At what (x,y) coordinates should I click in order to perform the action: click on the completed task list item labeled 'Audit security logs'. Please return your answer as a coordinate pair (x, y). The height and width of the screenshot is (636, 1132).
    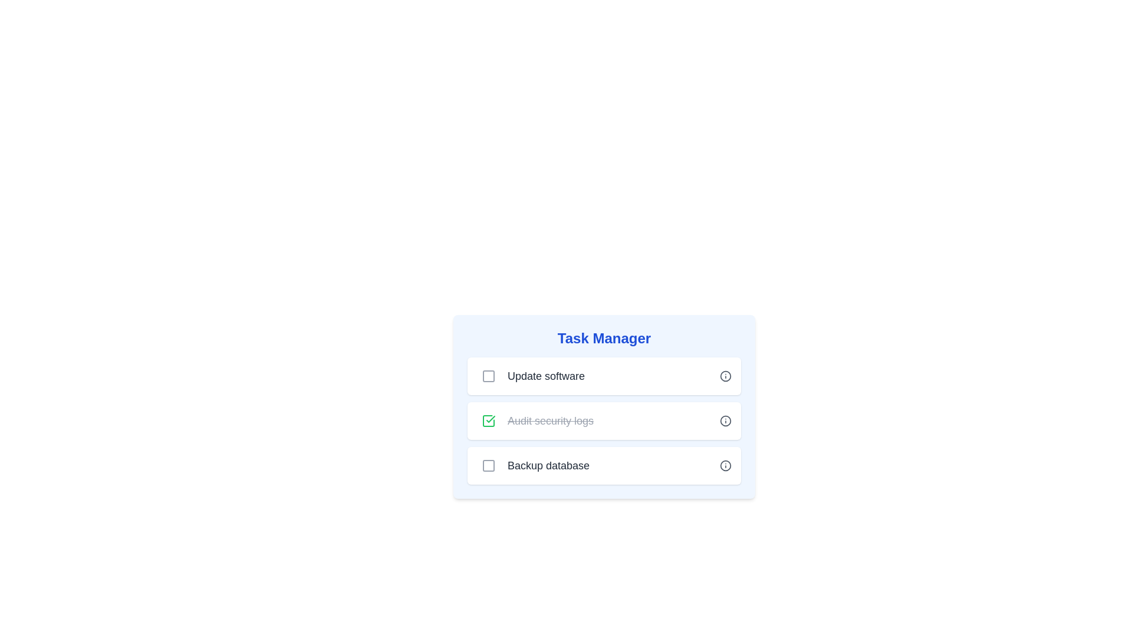
    Looking at the image, I should click on (604, 454).